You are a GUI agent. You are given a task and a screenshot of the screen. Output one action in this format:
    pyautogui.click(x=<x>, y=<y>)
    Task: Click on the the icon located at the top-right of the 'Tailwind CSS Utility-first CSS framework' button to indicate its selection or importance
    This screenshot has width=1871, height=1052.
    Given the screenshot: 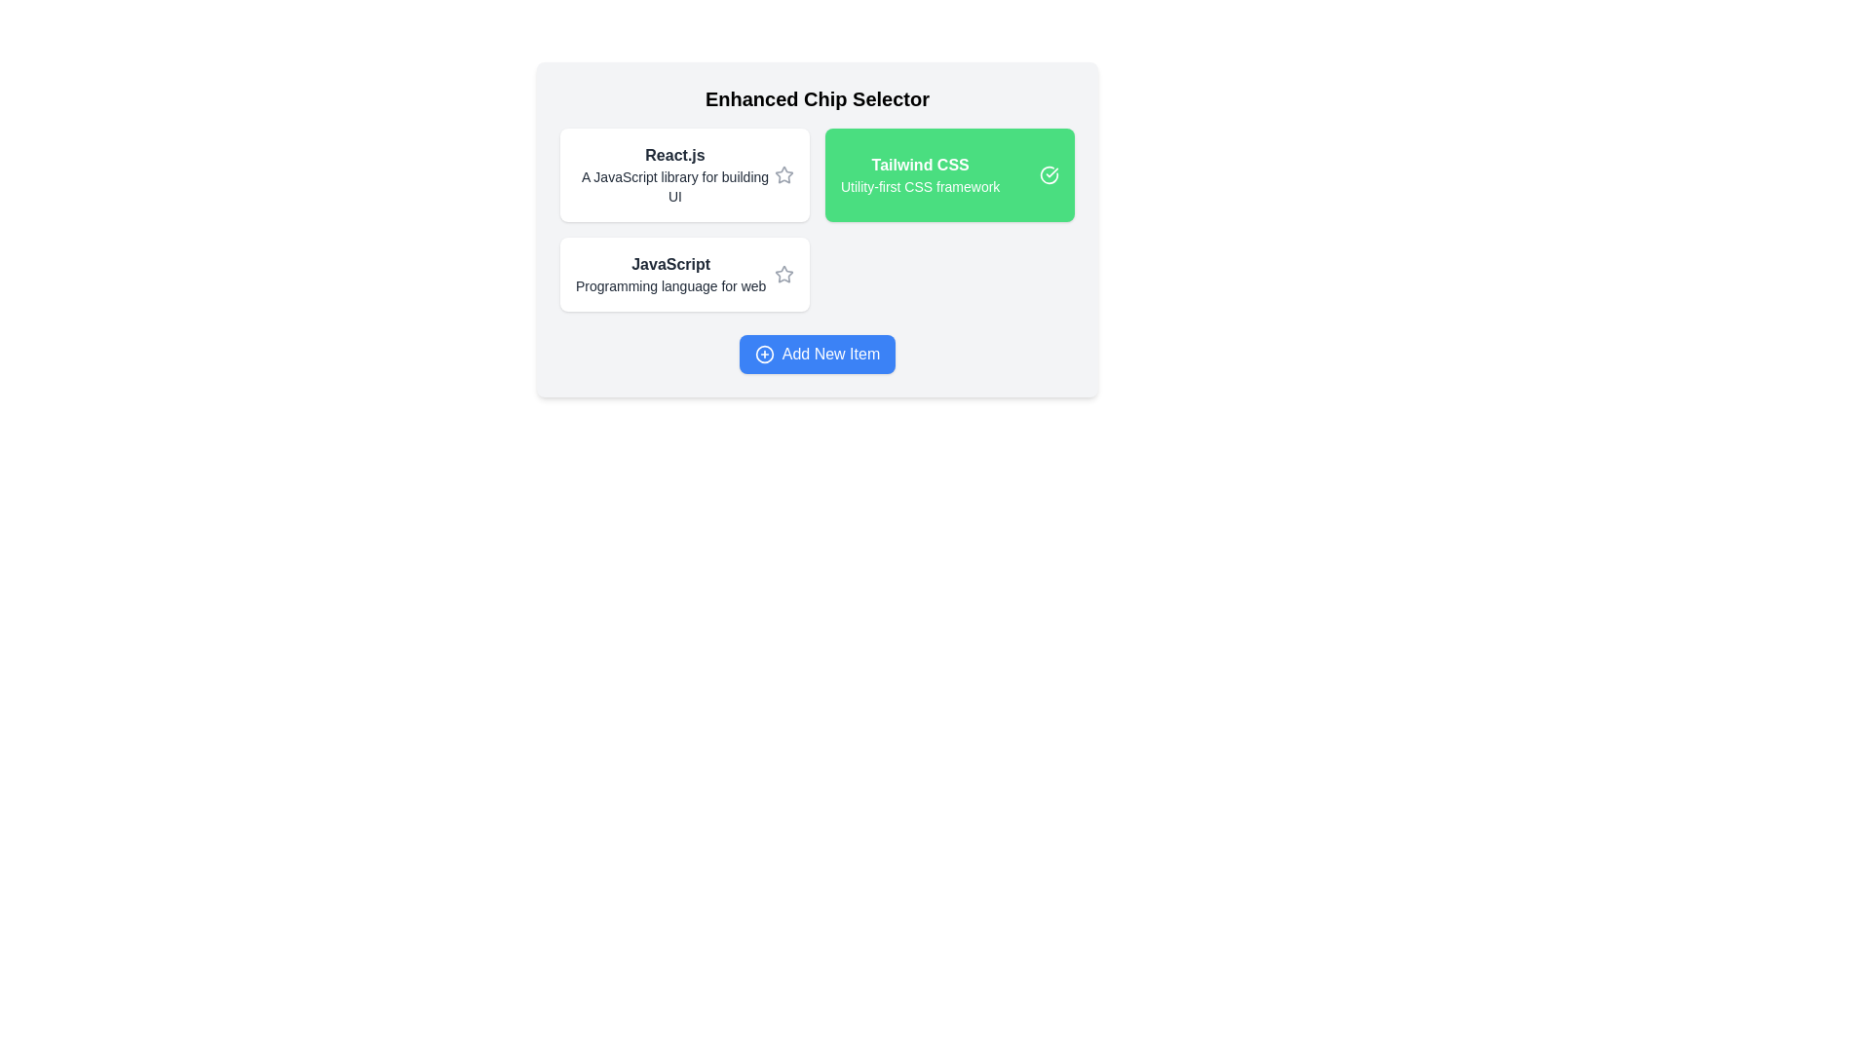 What is the action you would take?
    pyautogui.click(x=1048, y=175)
    